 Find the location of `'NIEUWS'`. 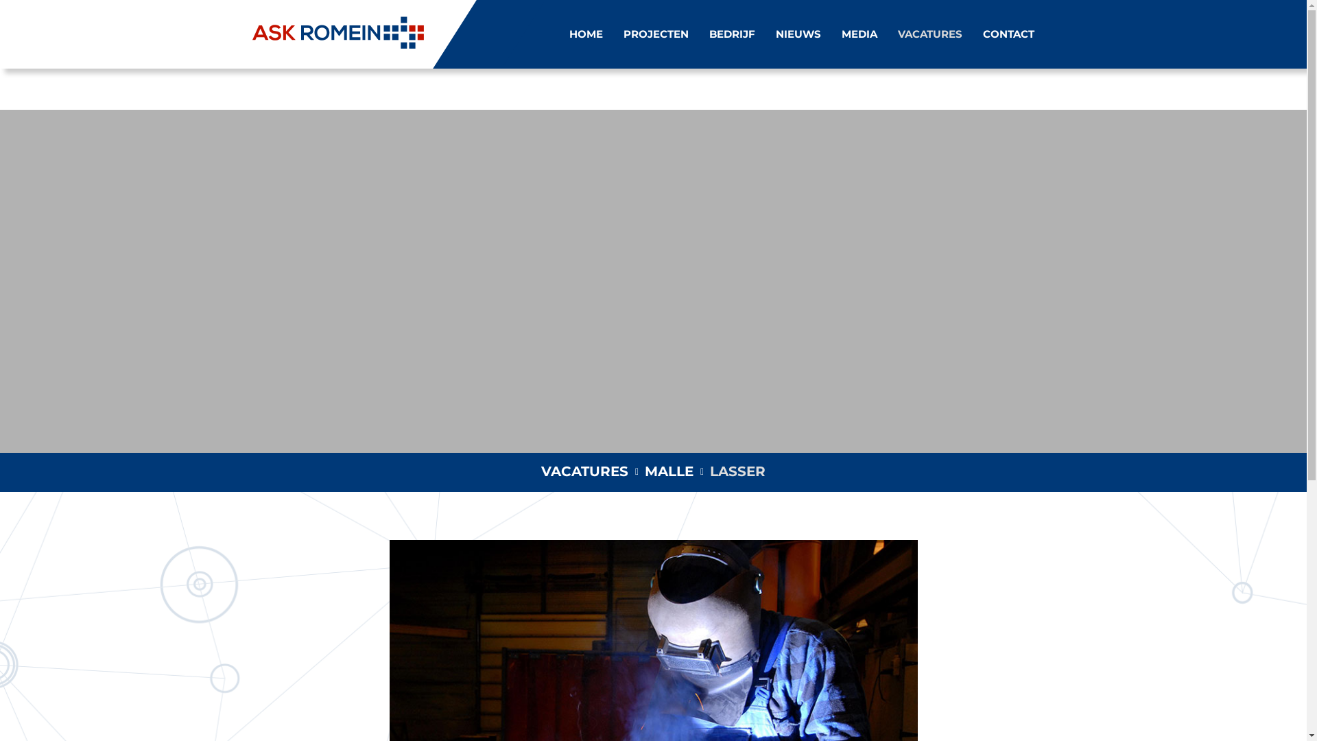

'NIEUWS' is located at coordinates (774, 34).